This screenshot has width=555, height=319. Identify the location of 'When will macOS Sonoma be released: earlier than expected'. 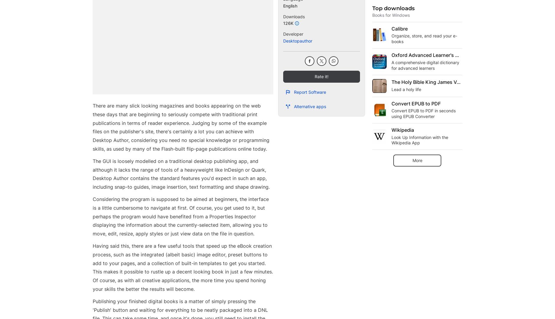
(397, 118).